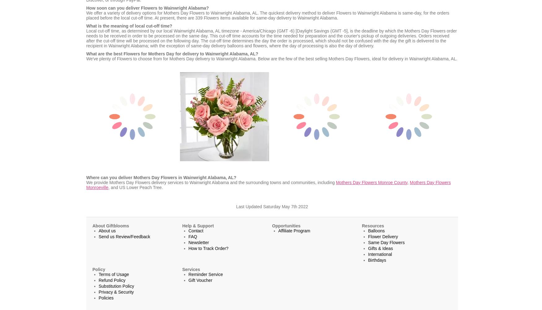  I want to click on 'Mothers Day Flowers Monroeville', so click(86, 184).